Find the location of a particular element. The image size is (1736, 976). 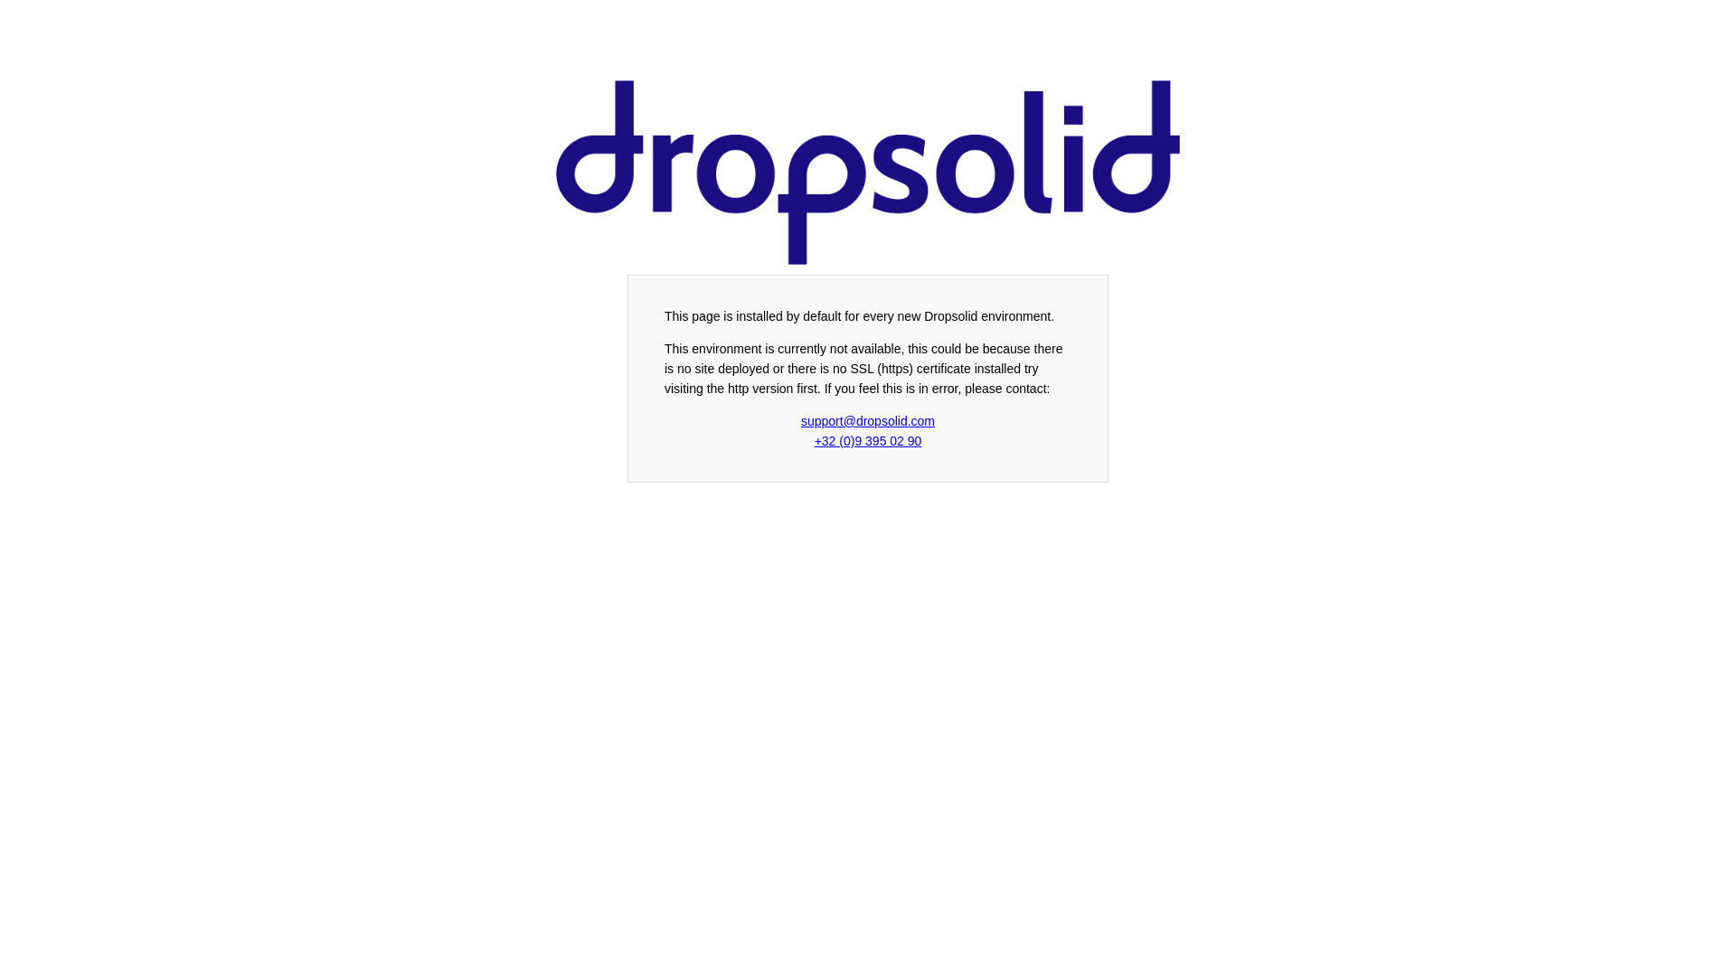

'support@dropsolid.com' is located at coordinates (868, 421).